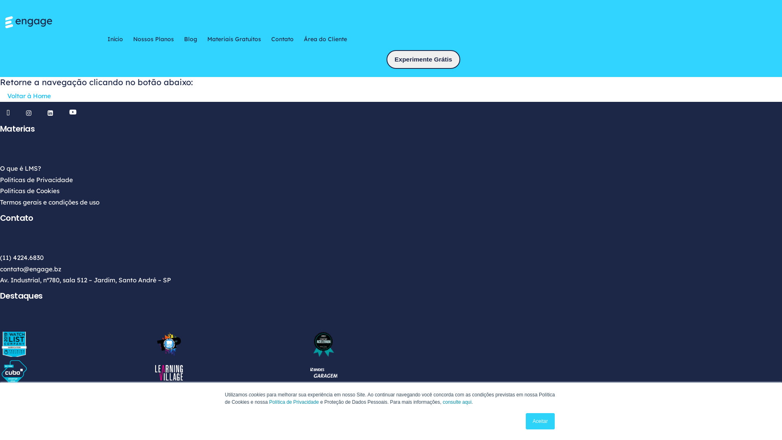 This screenshot has height=440, width=782. I want to click on 'Materiais Gratuitos', so click(233, 39).